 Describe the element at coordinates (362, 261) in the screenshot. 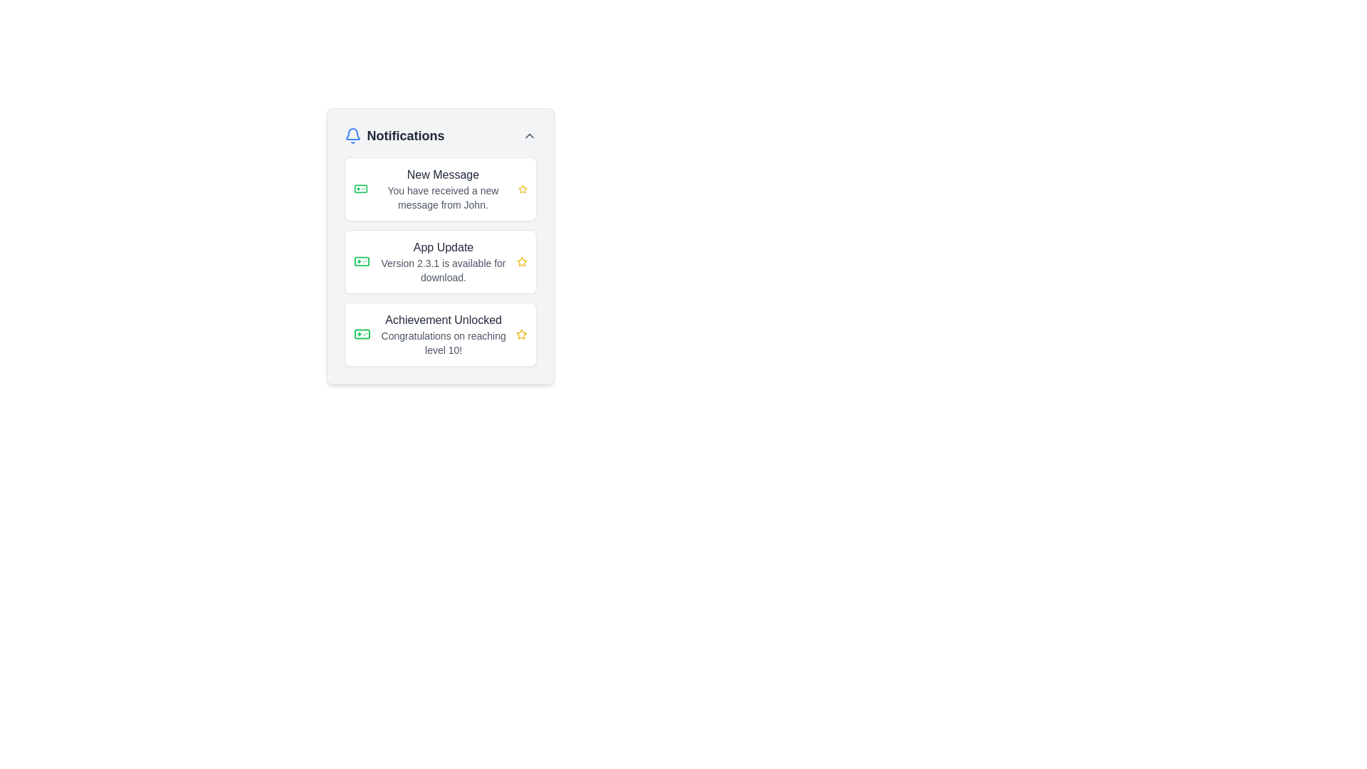

I see `the app update icon within the notification card titled 'App Update' in the notification list` at that location.